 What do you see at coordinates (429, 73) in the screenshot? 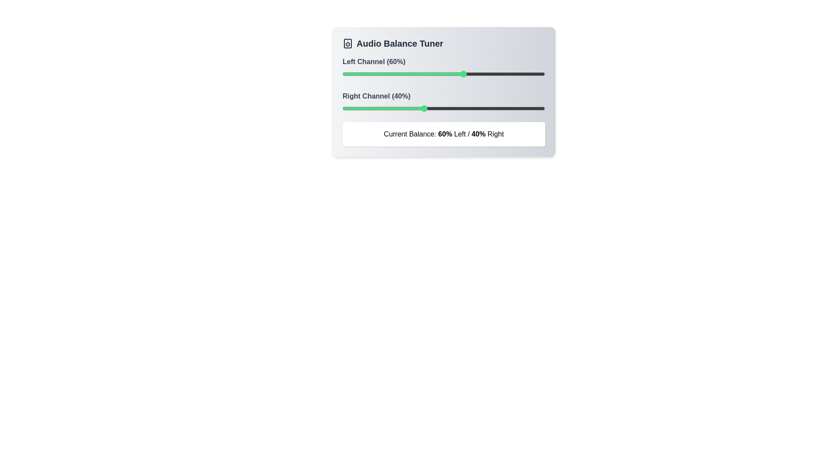
I see `the balance of the 0 channel to 43%` at bounding box center [429, 73].